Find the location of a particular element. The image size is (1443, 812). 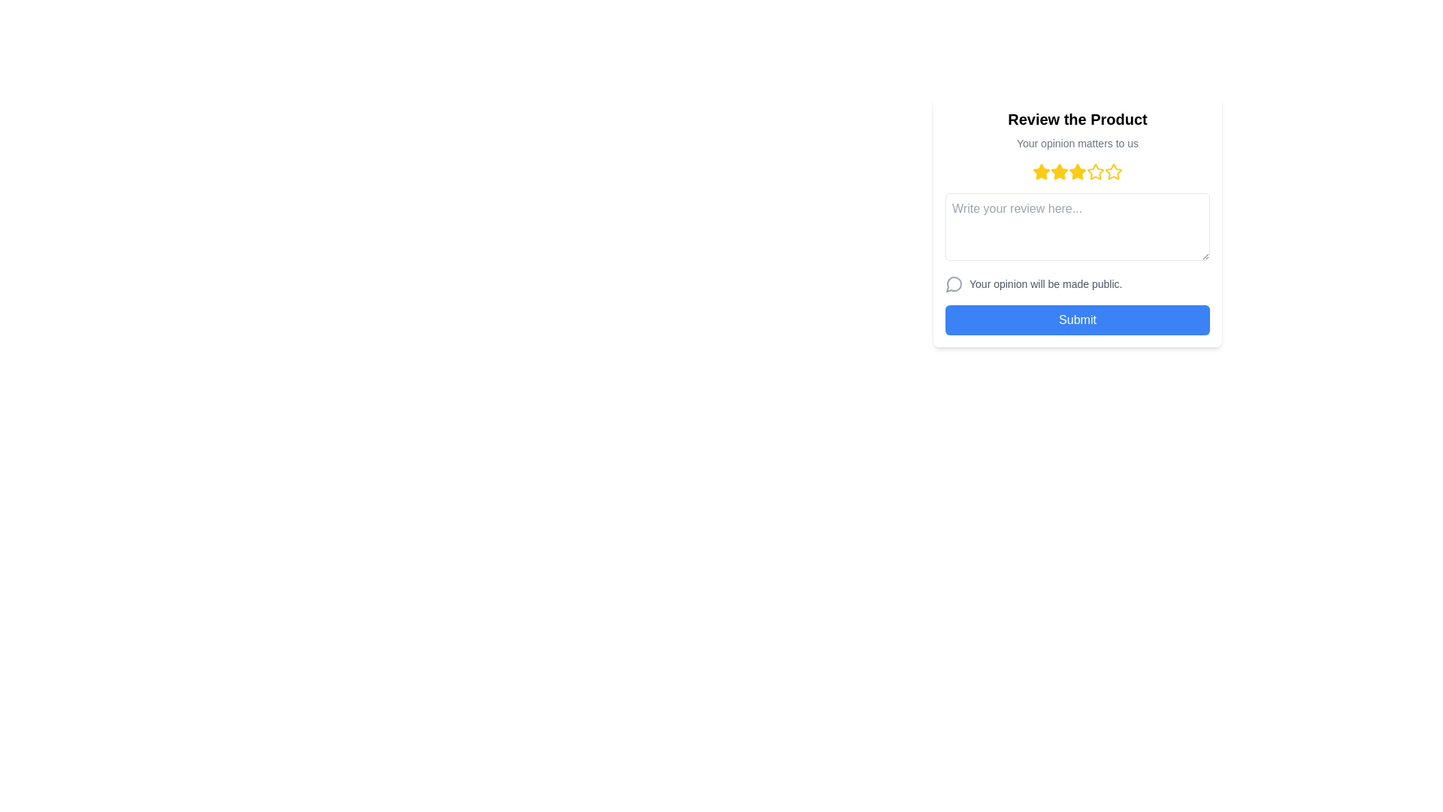

the Text Label displaying 'Your opinion will be made public.' located below the feedback textbox in the user feedback form is located at coordinates (1045, 284).